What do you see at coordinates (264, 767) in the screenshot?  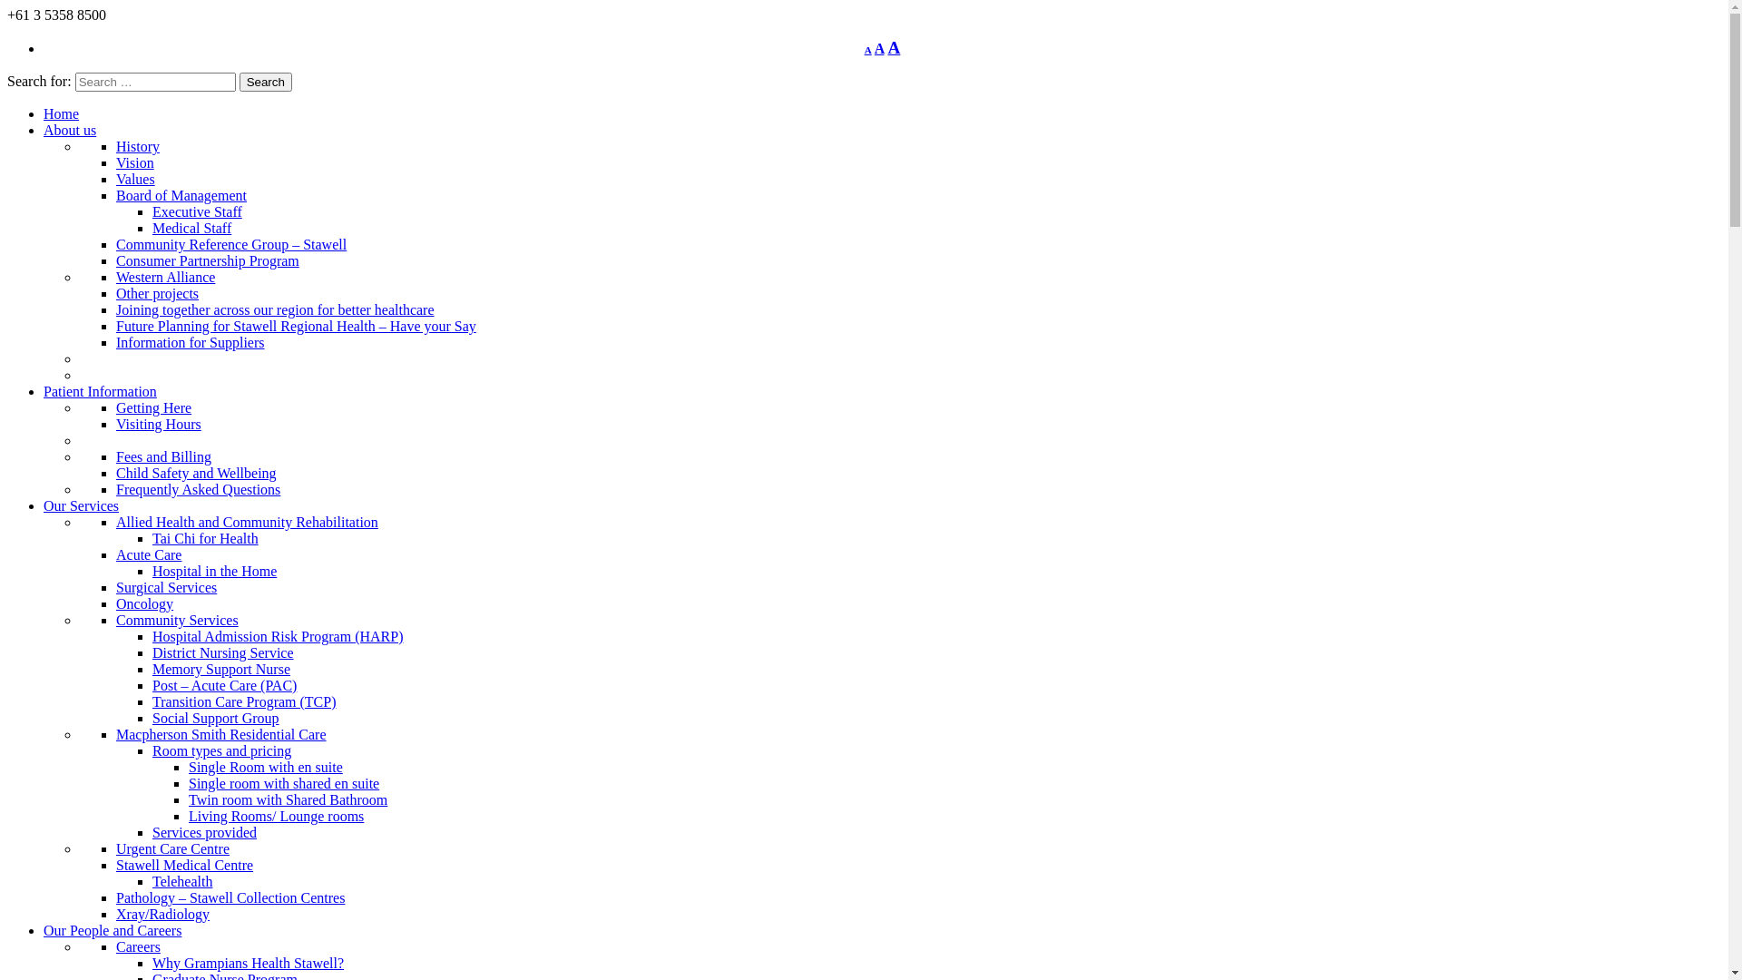 I see `'Single Room with en suite'` at bounding box center [264, 767].